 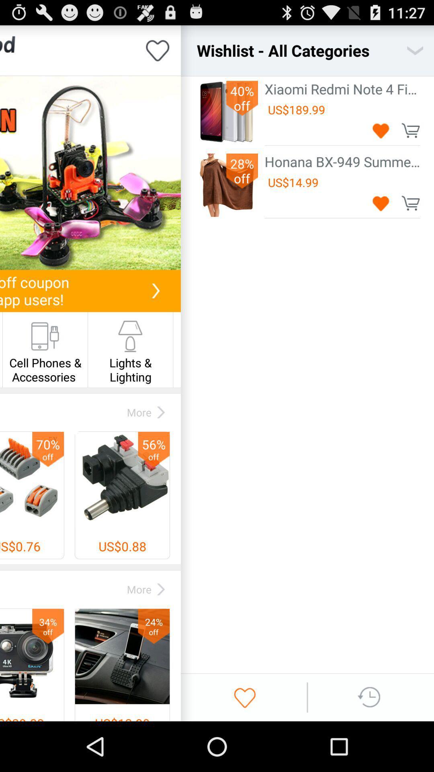 What do you see at coordinates (244, 697) in the screenshot?
I see `favorites` at bounding box center [244, 697].